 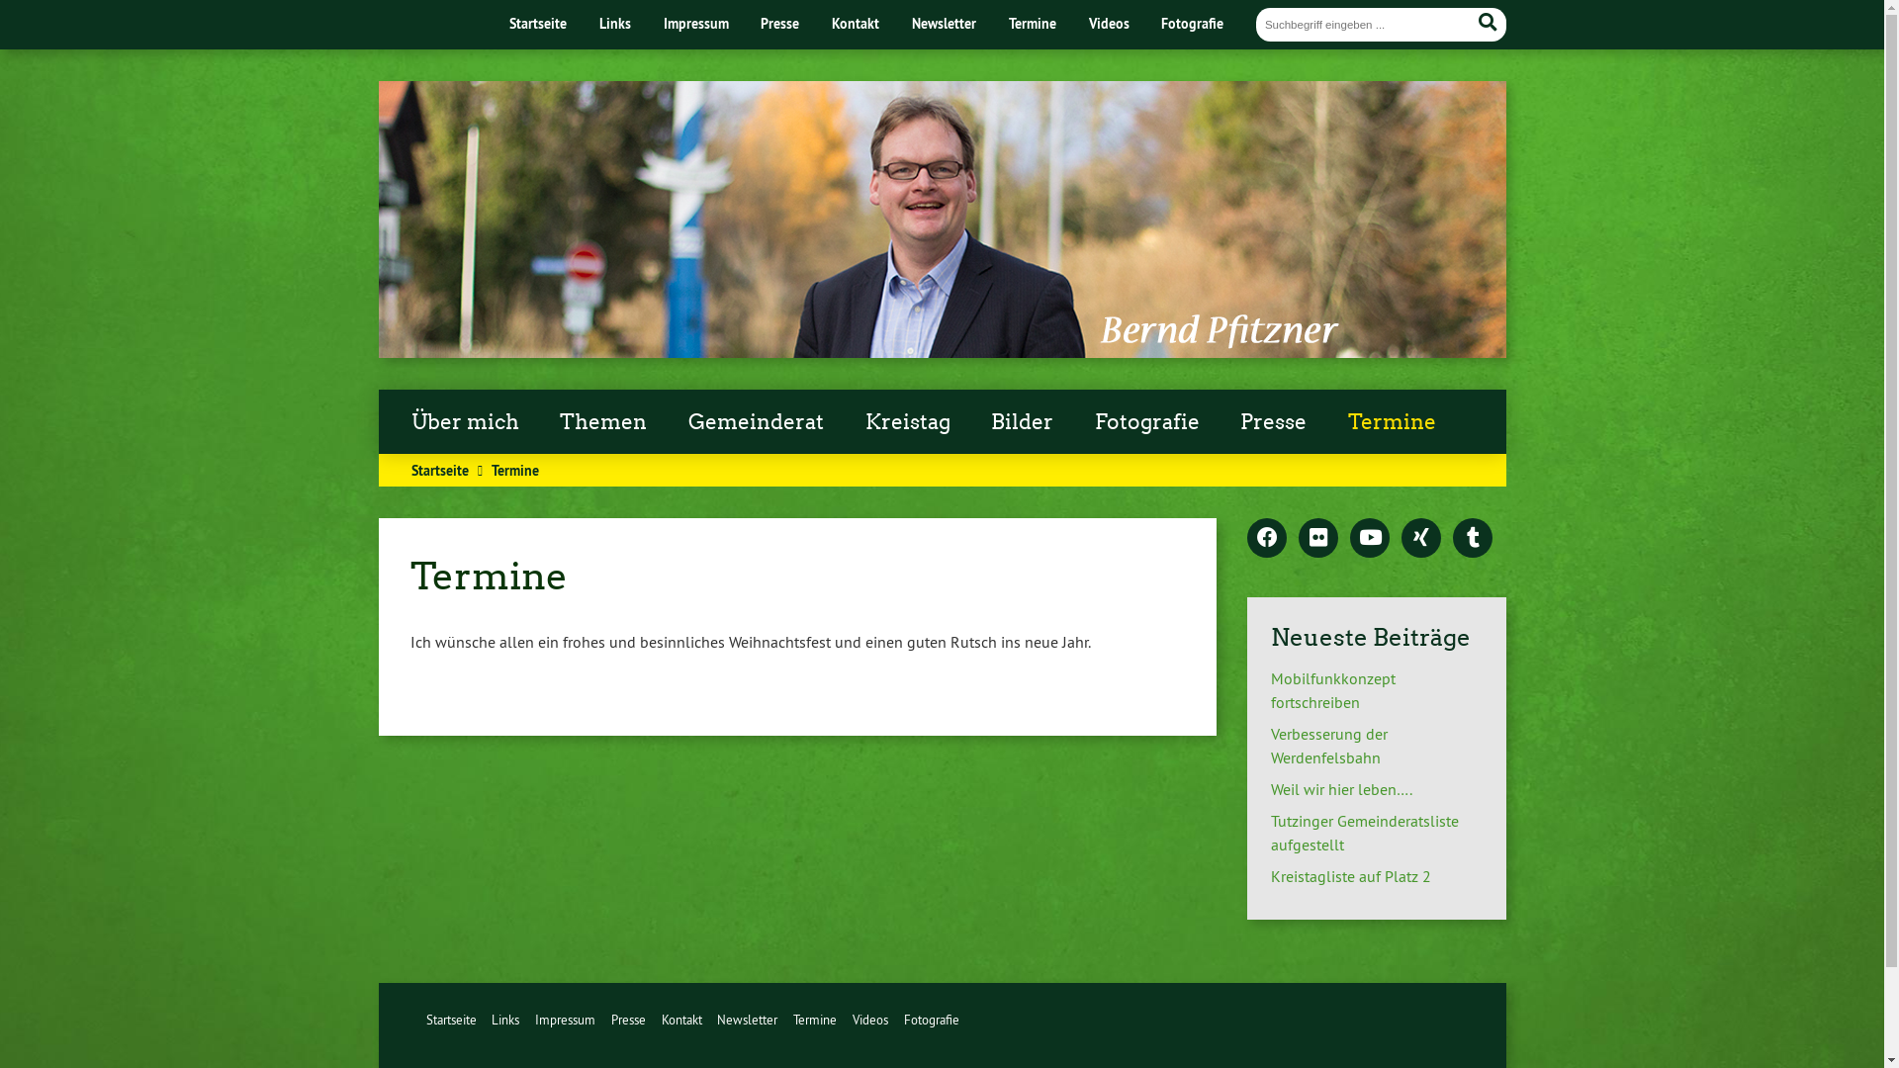 What do you see at coordinates (815, 1019) in the screenshot?
I see `'Termine'` at bounding box center [815, 1019].